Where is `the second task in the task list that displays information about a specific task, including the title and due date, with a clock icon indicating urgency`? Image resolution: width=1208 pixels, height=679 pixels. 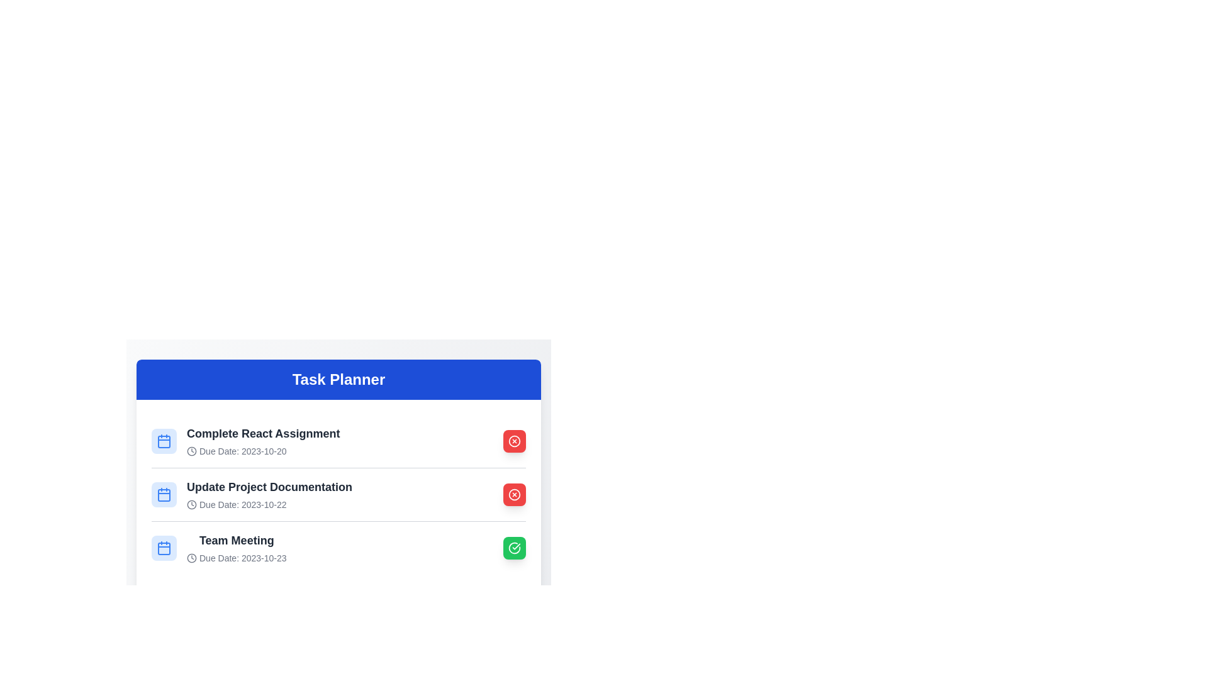 the second task in the task list that displays information about a specific task, including the title and due date, with a clock icon indicating urgency is located at coordinates (269, 494).